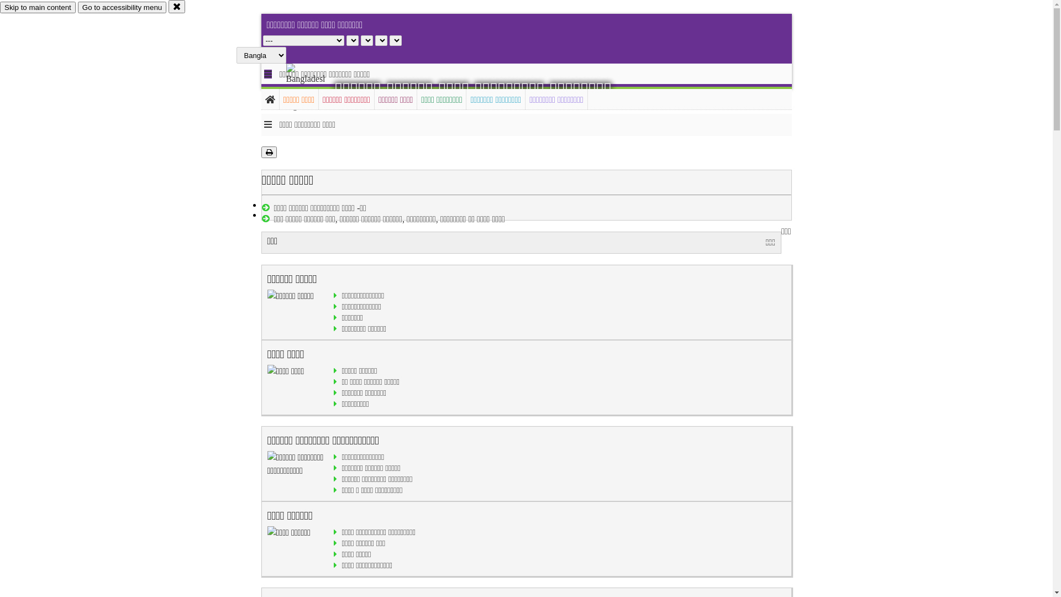 The image size is (1061, 597). Describe the element at coordinates (122, 7) in the screenshot. I see `'Go to accessibility menu'` at that location.